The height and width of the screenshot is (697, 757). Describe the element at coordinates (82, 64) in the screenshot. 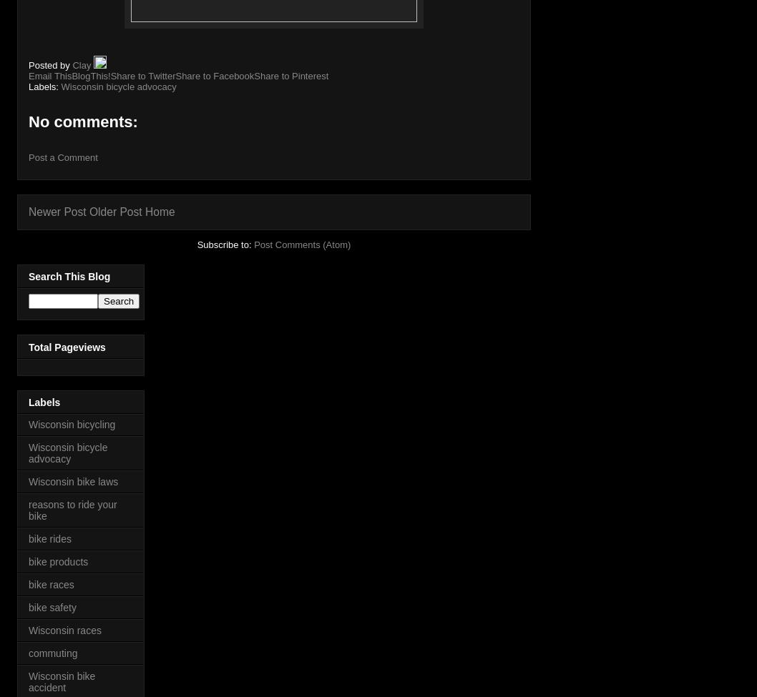

I see `'Clay'` at that location.